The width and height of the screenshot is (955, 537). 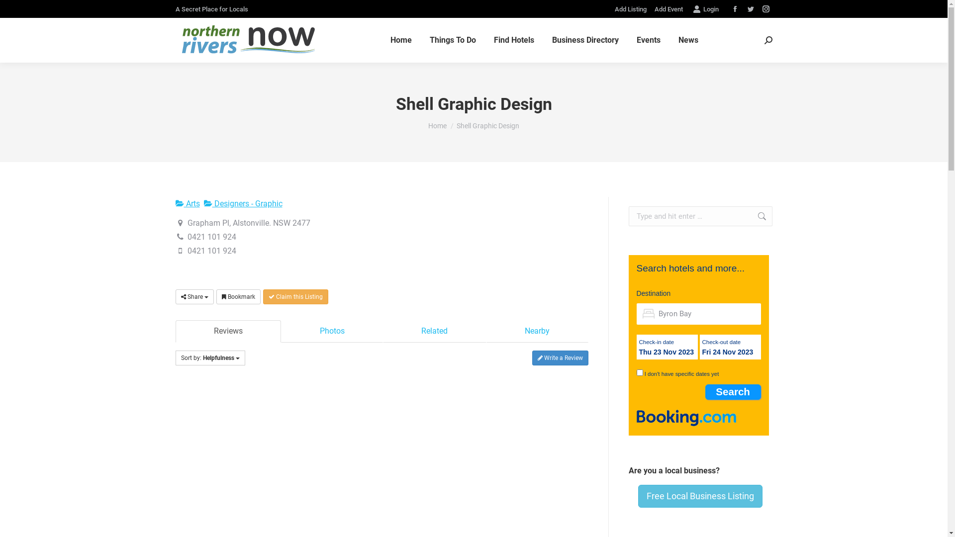 I want to click on 'Login', so click(x=704, y=8).